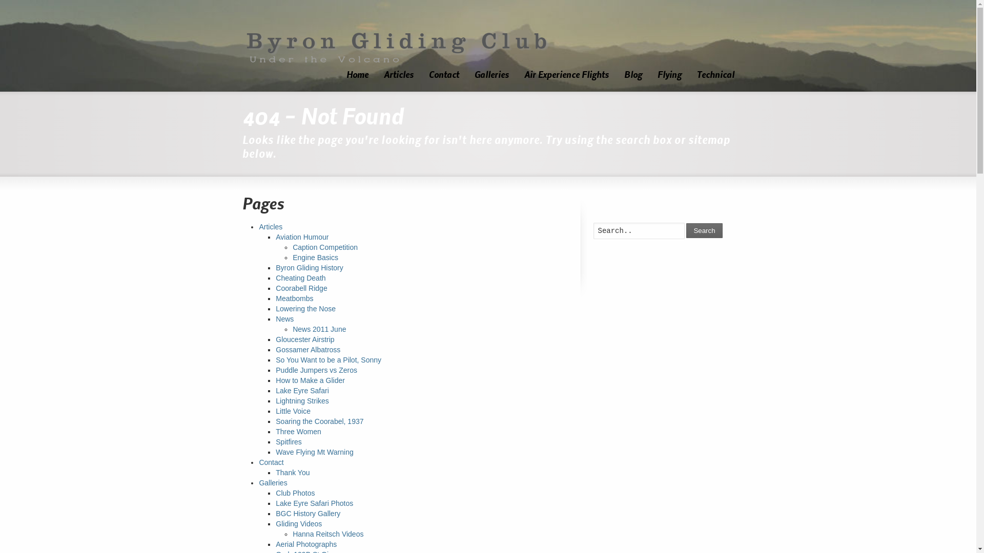 The width and height of the screenshot is (984, 553). I want to click on 'Coorabell Ridge', so click(301, 288).